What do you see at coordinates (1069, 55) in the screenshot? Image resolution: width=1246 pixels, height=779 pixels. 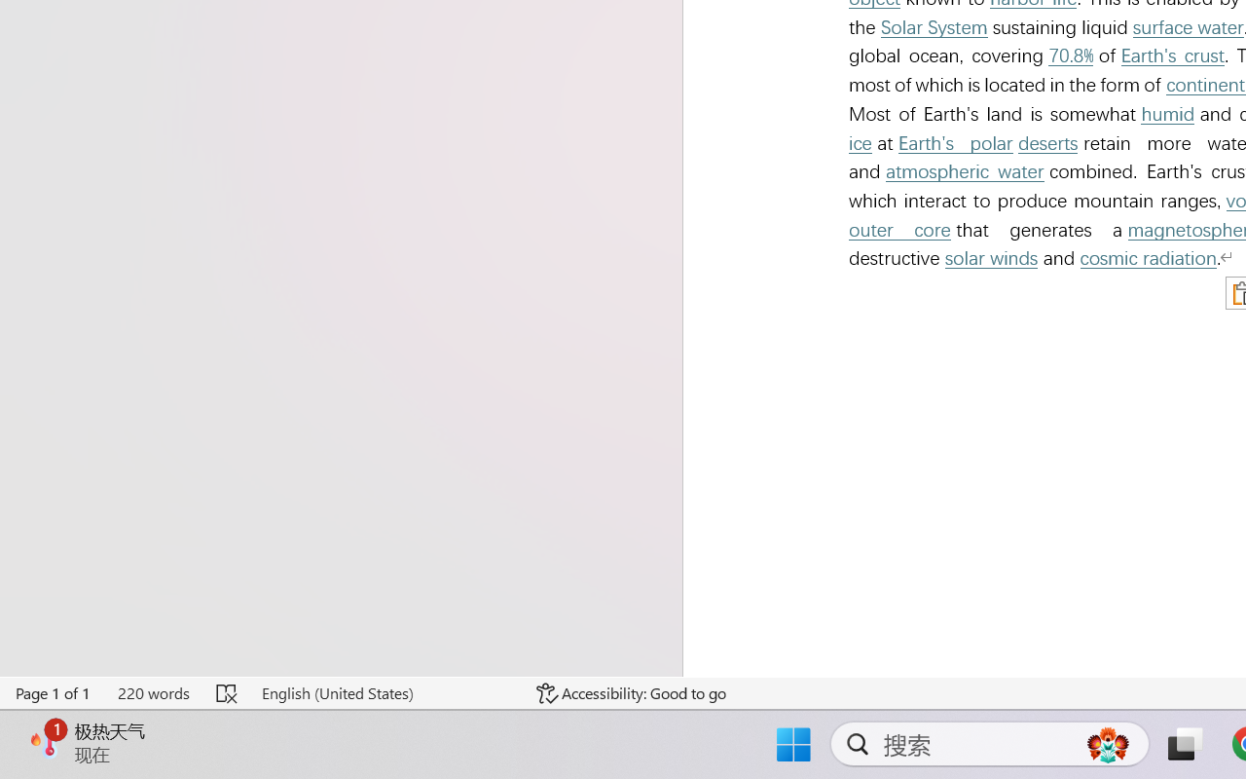 I see `'70.8%'` at bounding box center [1069, 55].